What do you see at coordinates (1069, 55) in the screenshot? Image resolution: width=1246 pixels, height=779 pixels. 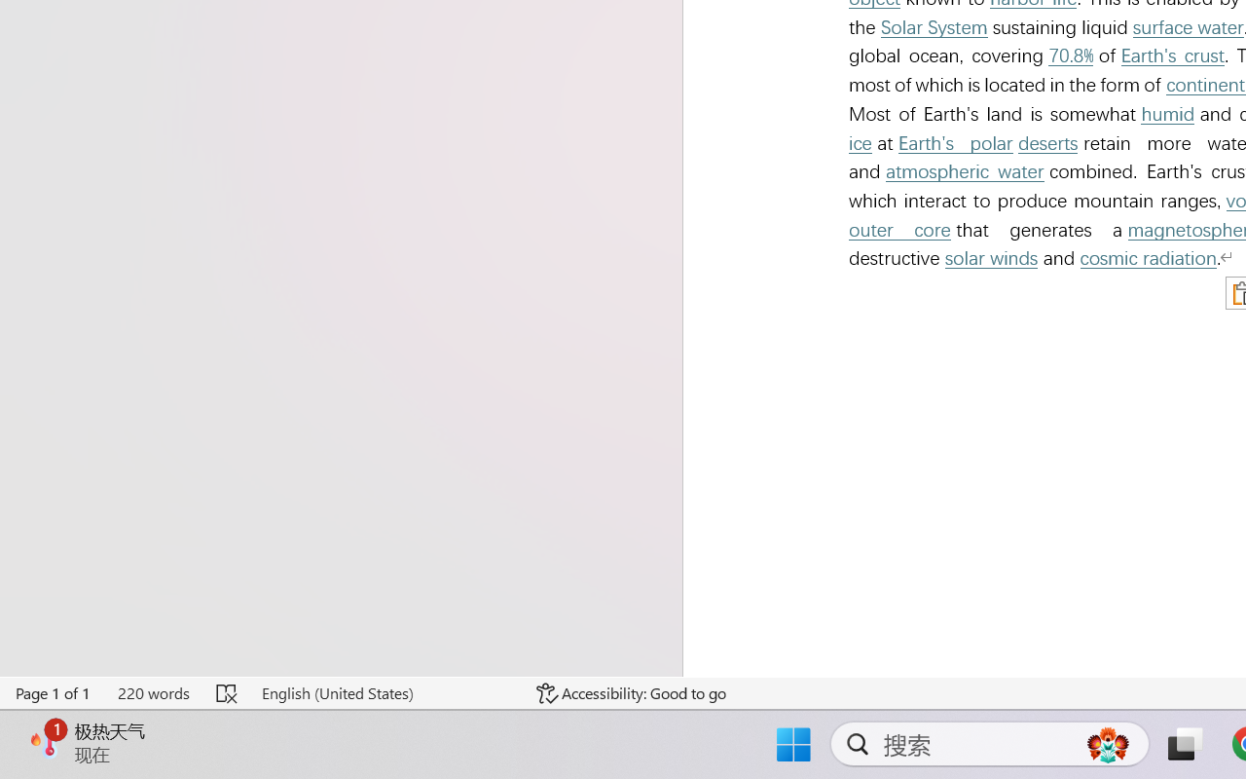 I see `'70.8%'` at bounding box center [1069, 55].